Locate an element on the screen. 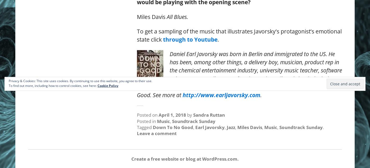  'Jazz' is located at coordinates (231, 127).